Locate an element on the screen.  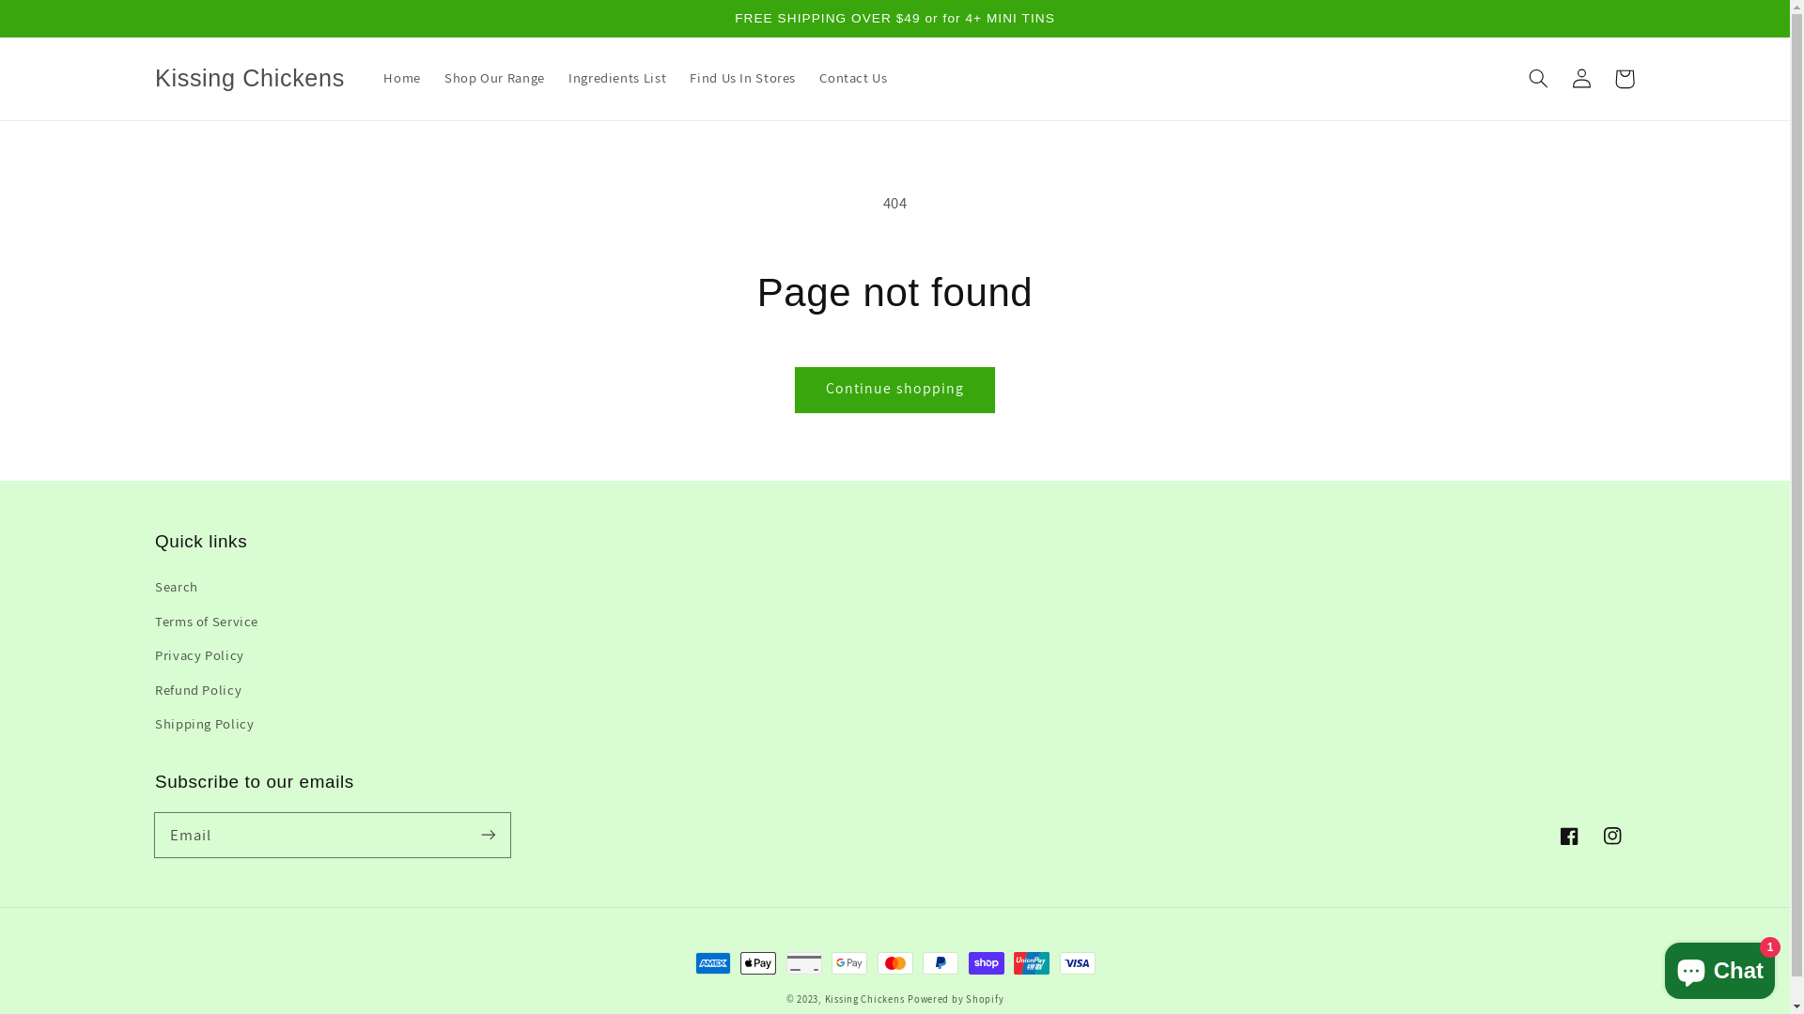
'Contact Us' is located at coordinates (852, 78).